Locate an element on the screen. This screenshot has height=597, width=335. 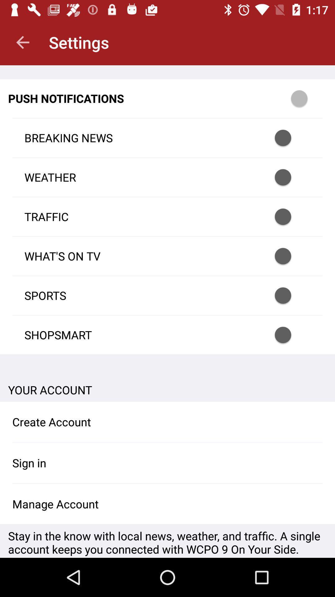
push notifications is located at coordinates (307, 98).